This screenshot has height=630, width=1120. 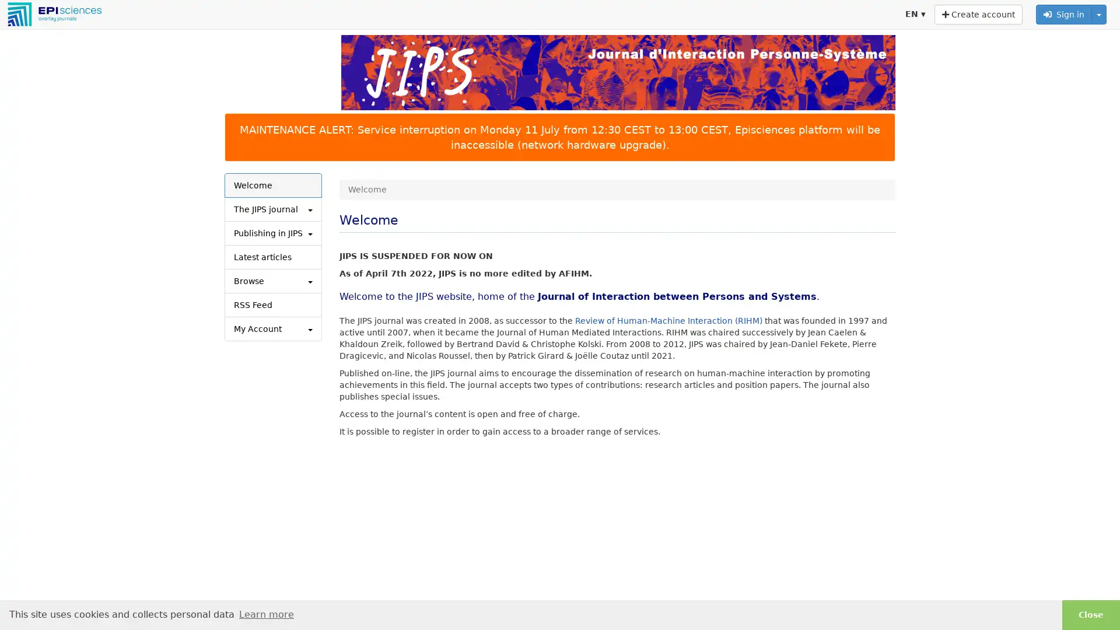 What do you see at coordinates (265, 614) in the screenshot?
I see `learn more about cookies` at bounding box center [265, 614].